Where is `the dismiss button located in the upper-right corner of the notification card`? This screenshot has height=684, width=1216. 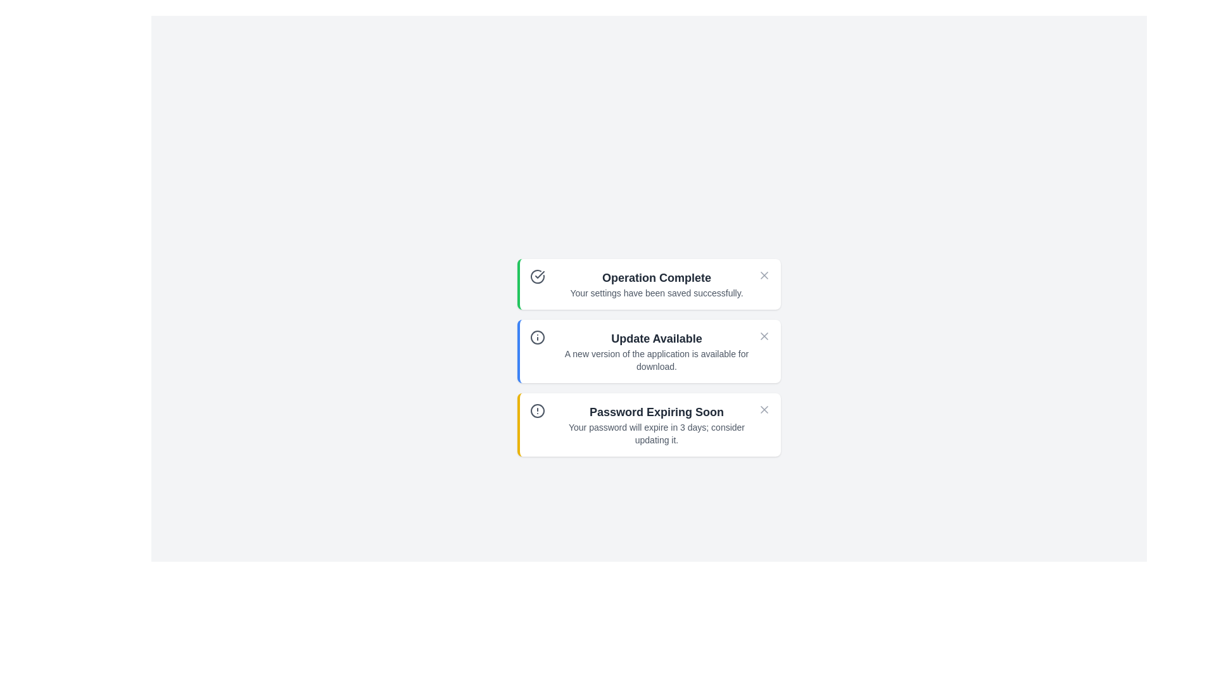
the dismiss button located in the upper-right corner of the notification card is located at coordinates (763, 275).